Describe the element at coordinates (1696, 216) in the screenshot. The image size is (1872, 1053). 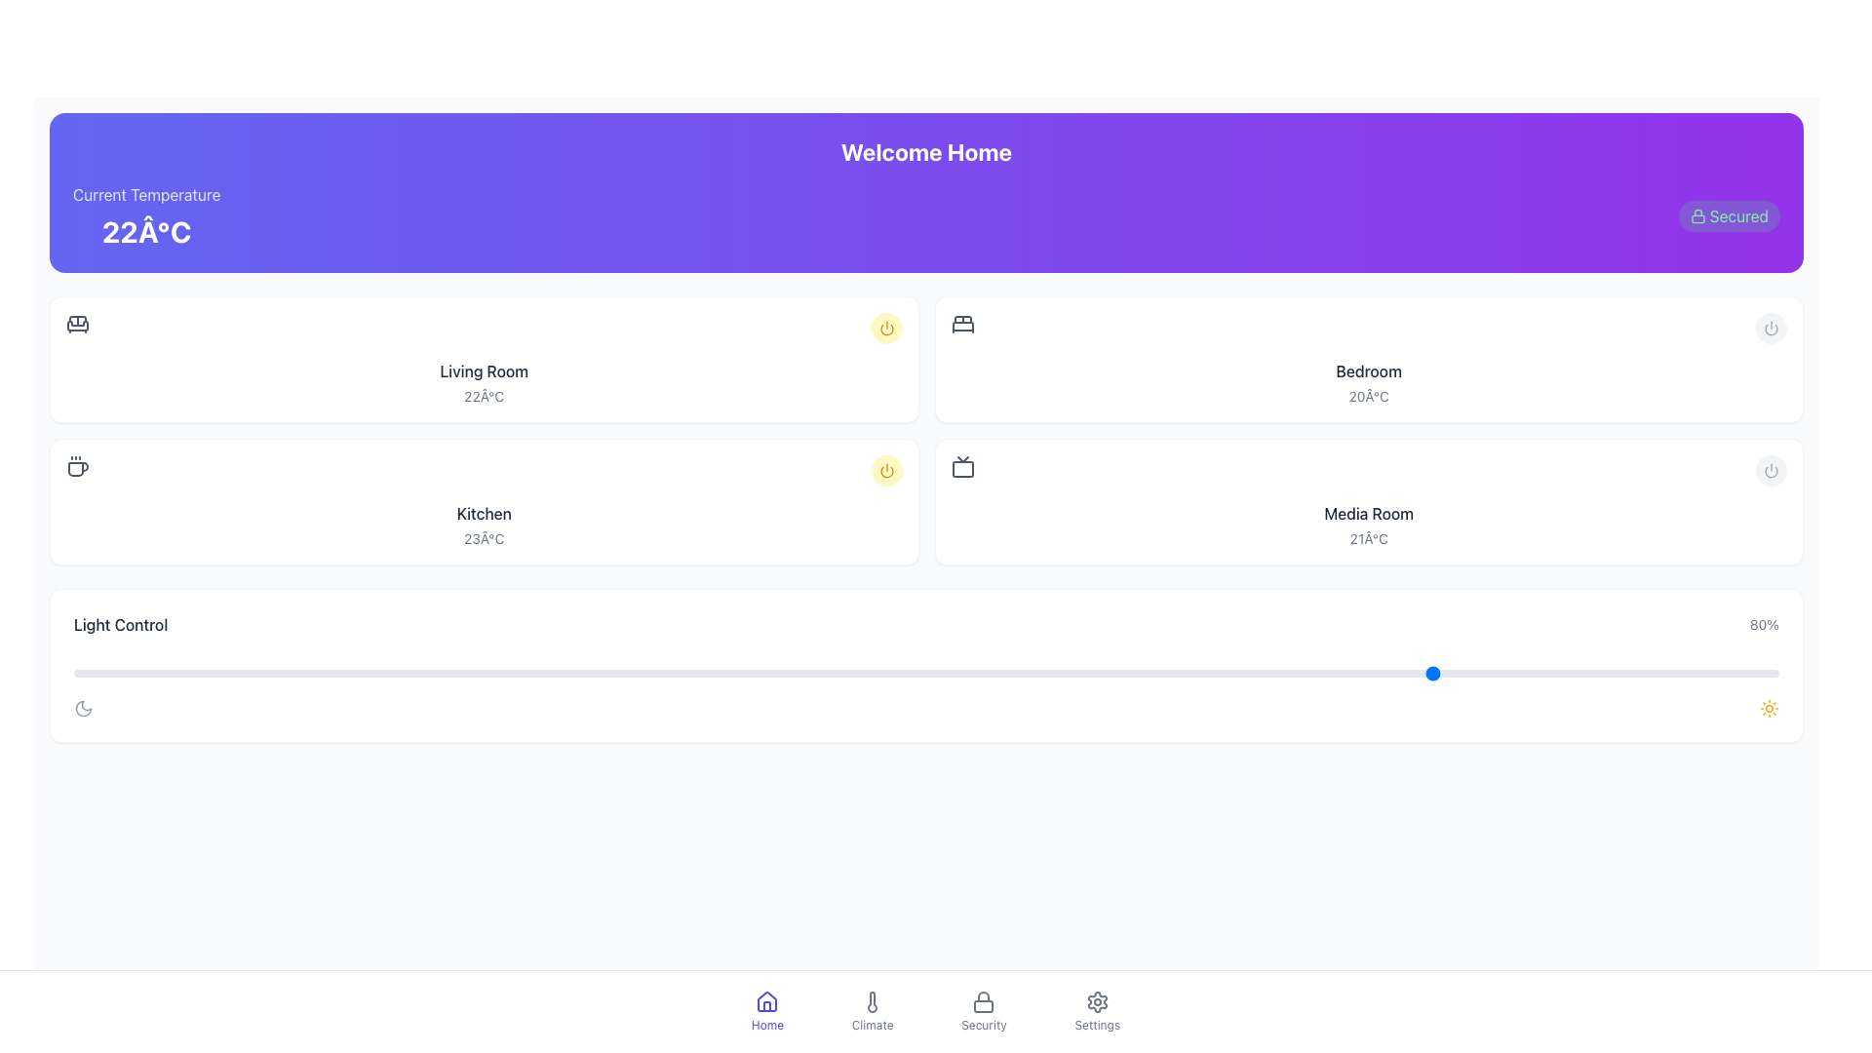
I see `the security icon located to the right of the 'Secured' label in the header section as an informational indicator` at that location.